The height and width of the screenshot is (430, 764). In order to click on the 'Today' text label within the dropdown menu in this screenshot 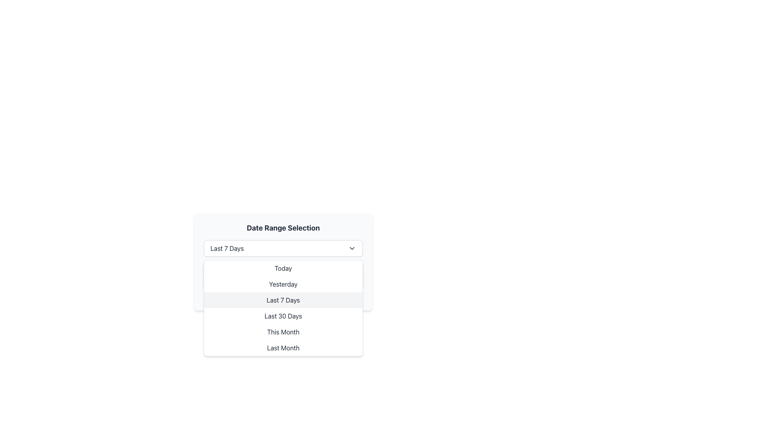, I will do `click(283, 268)`.